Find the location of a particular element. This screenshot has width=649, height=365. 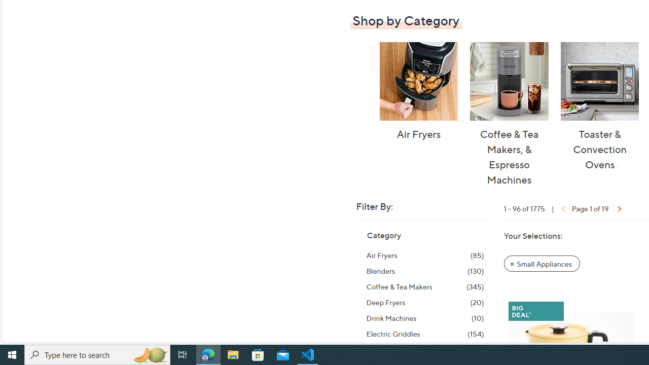

'Next Page' is located at coordinates (618, 207).